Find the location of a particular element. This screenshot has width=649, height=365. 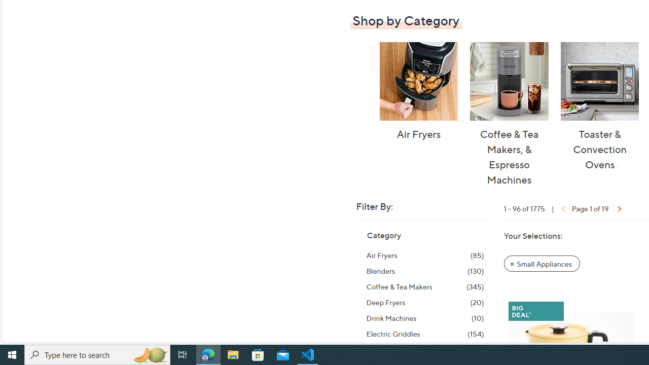

'Next Page' is located at coordinates (618, 207).